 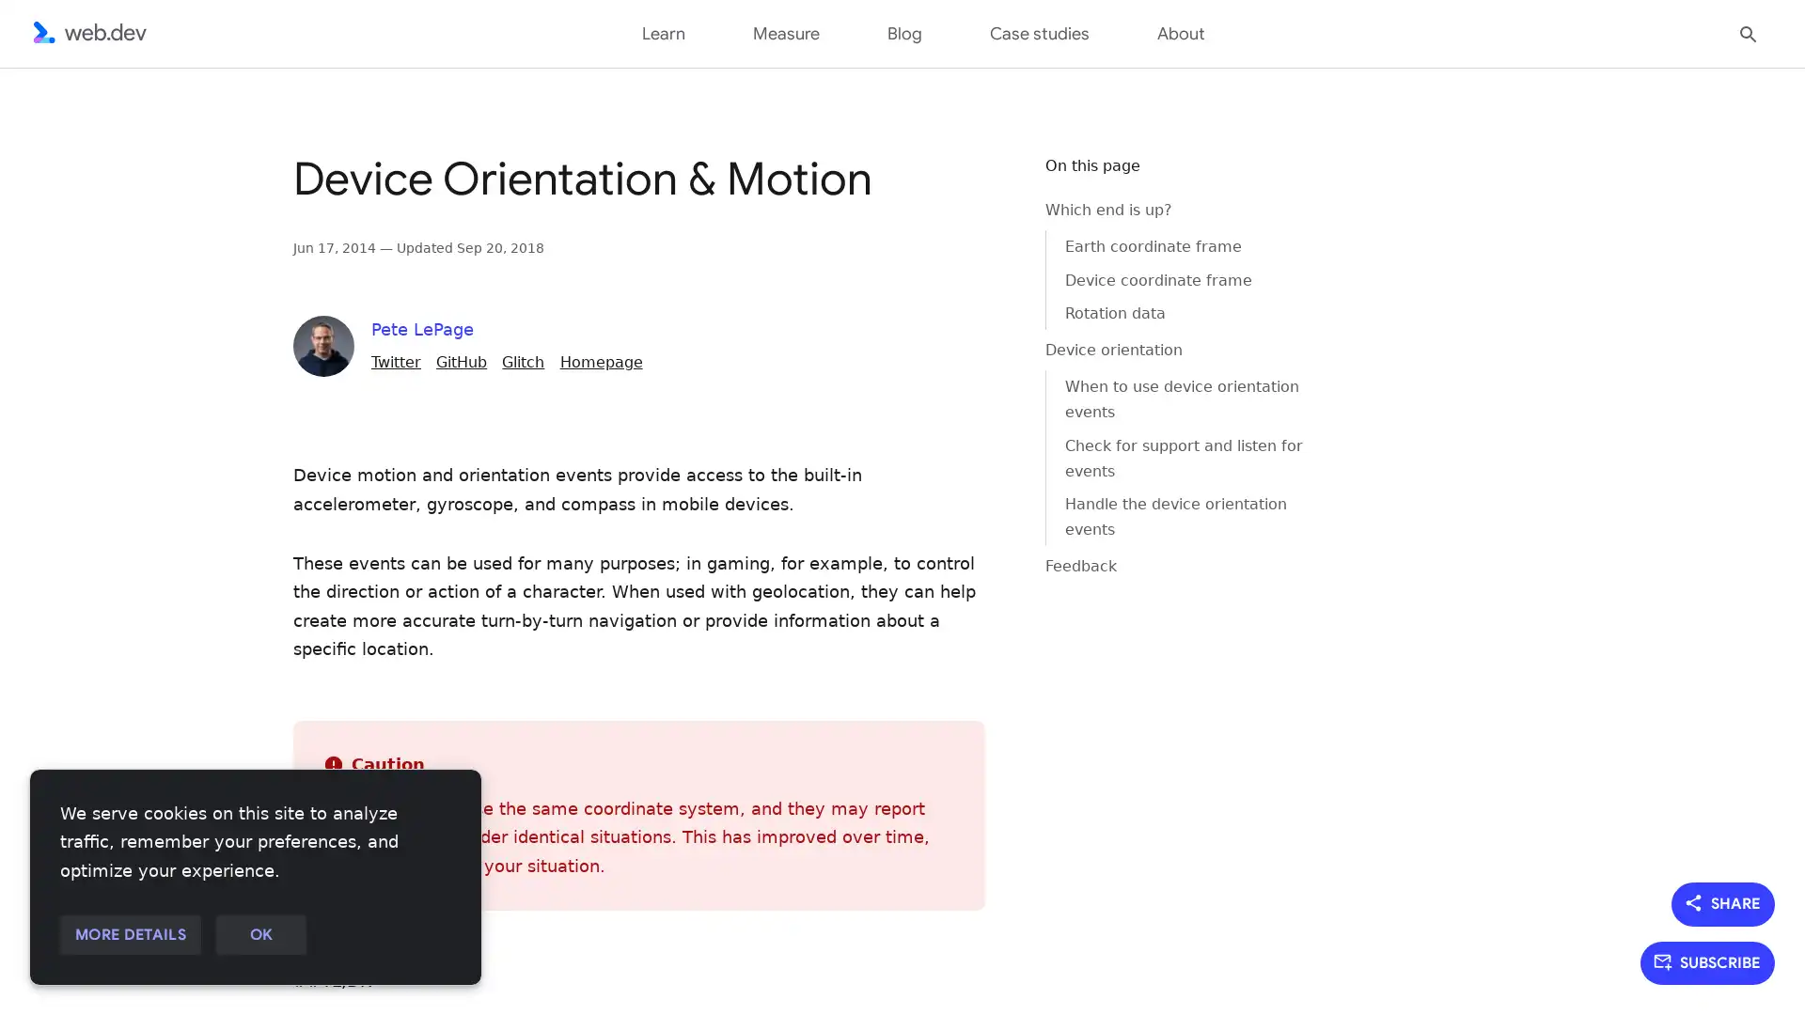 I want to click on OK, so click(x=259, y=935).